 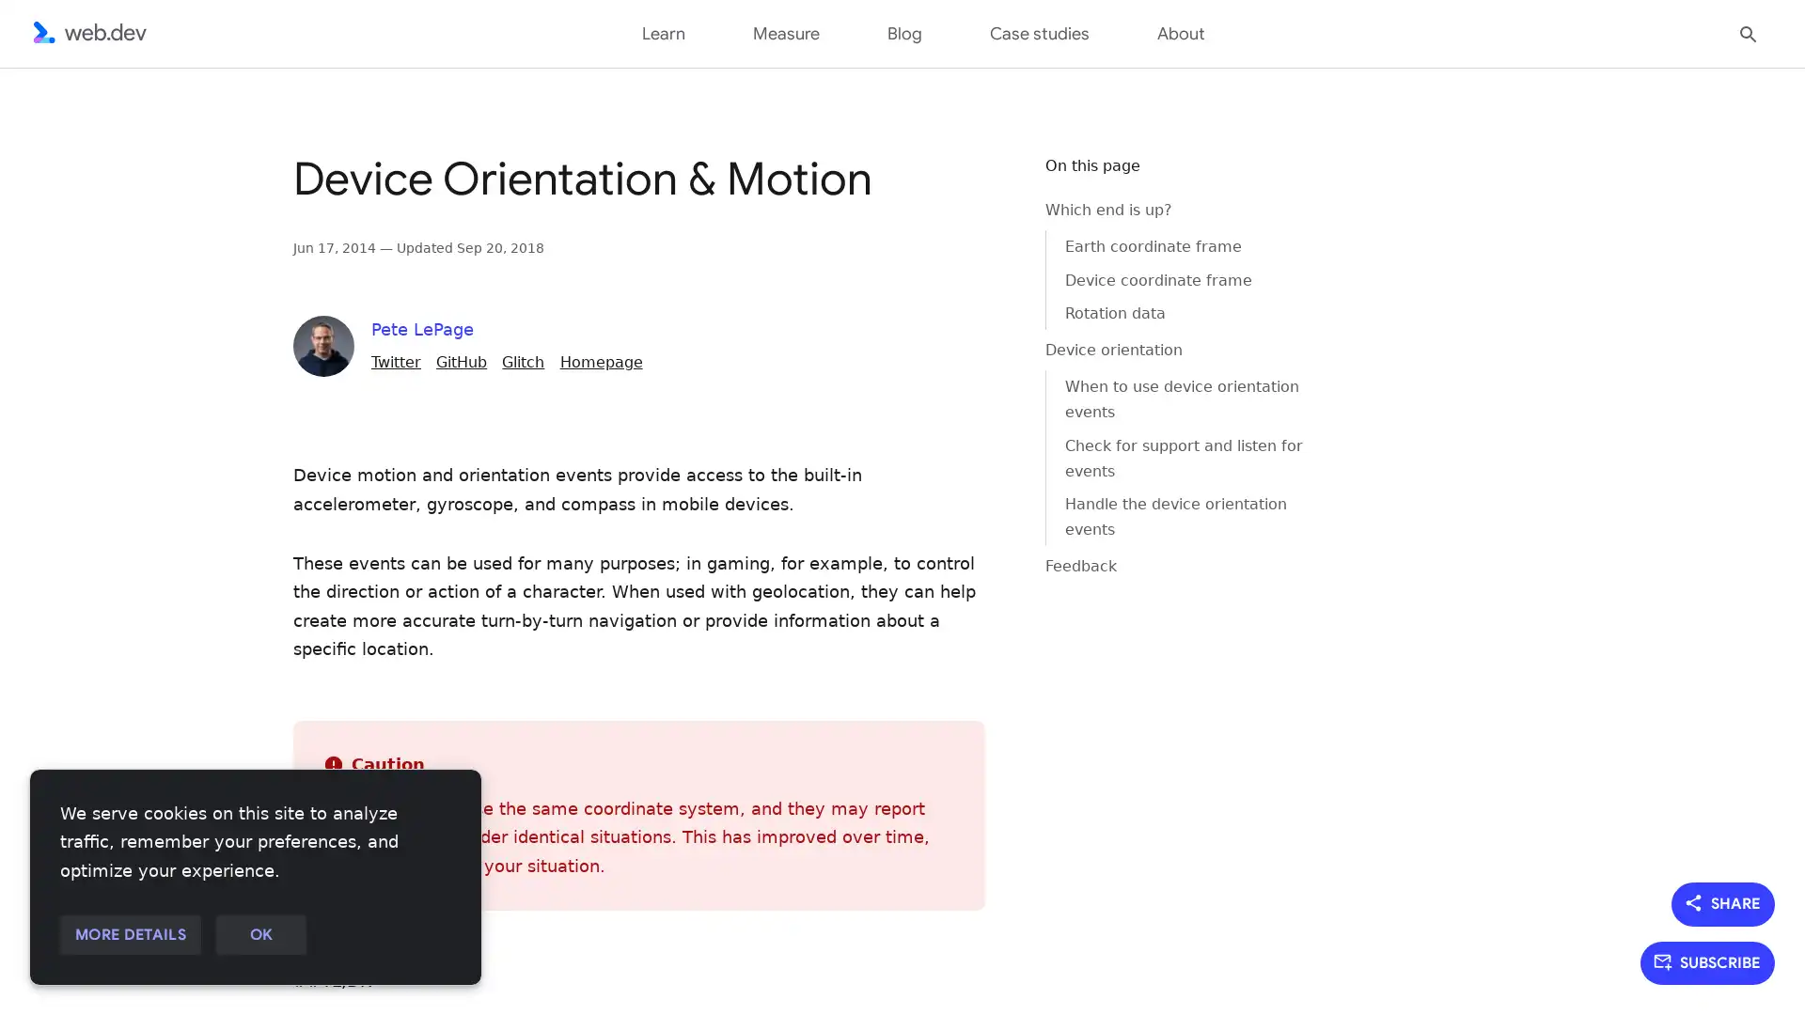 I want to click on OK, so click(x=259, y=935).